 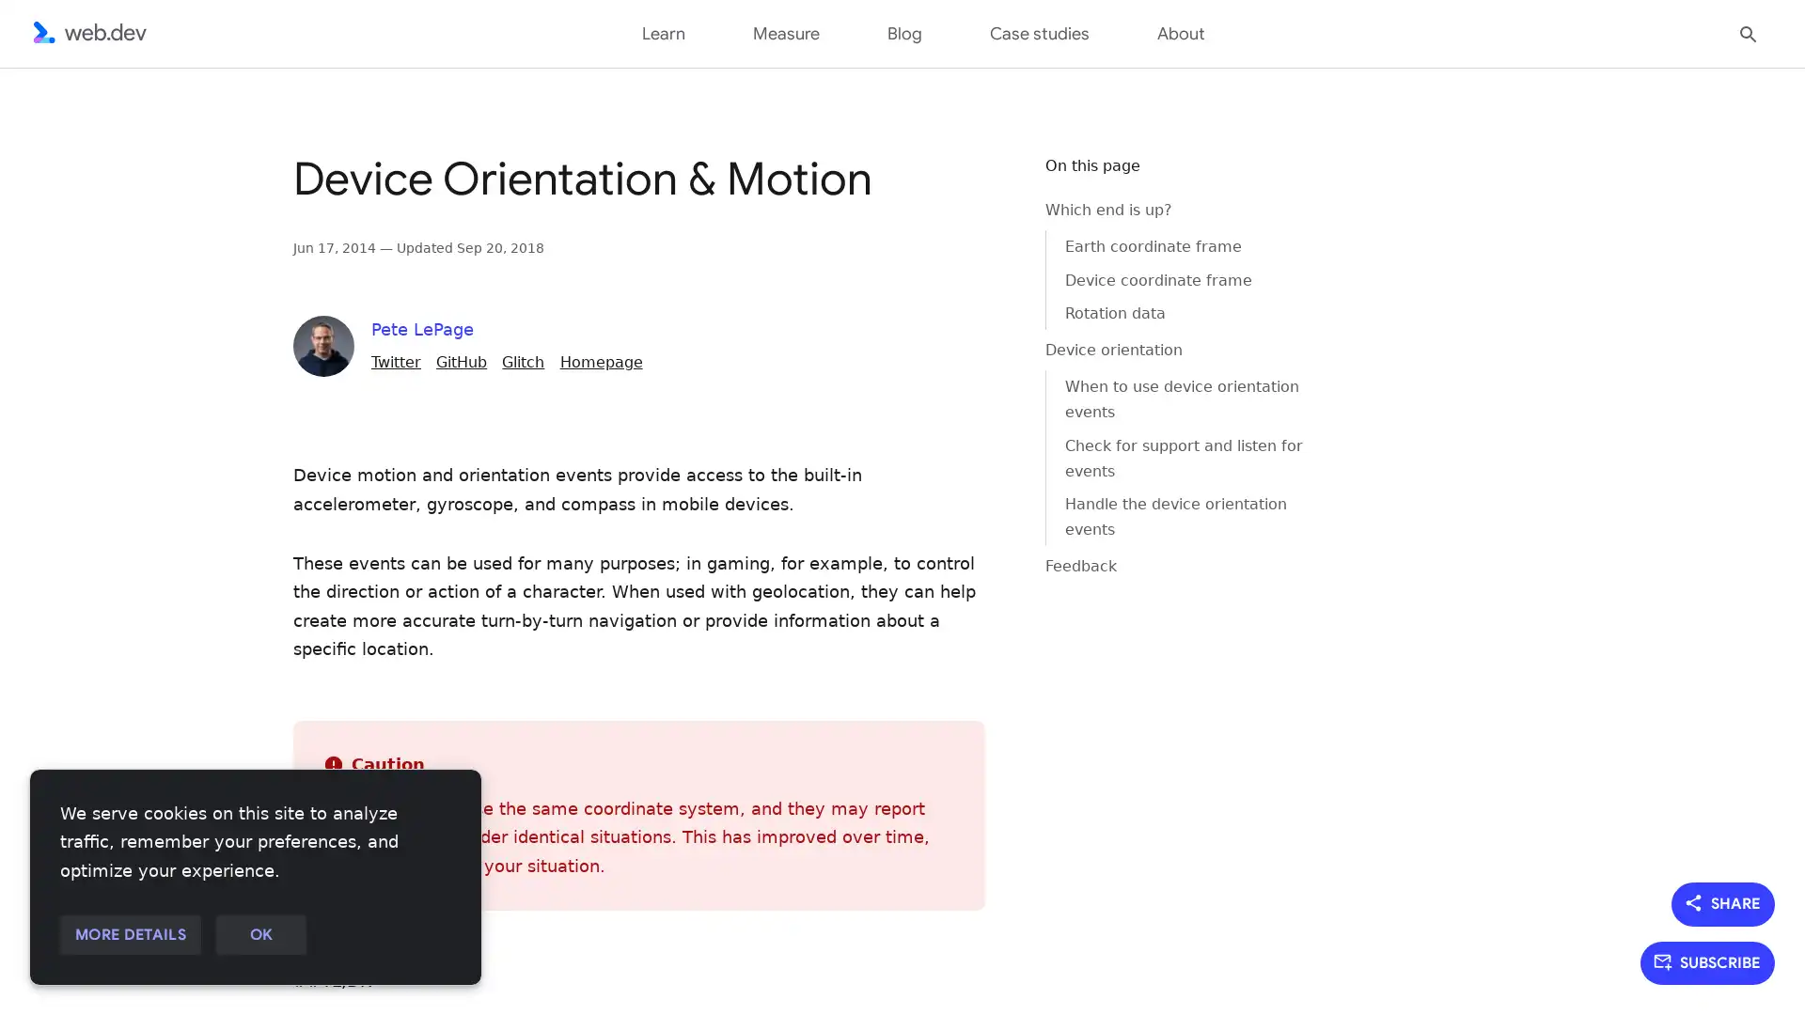 I want to click on OK, so click(x=259, y=935).